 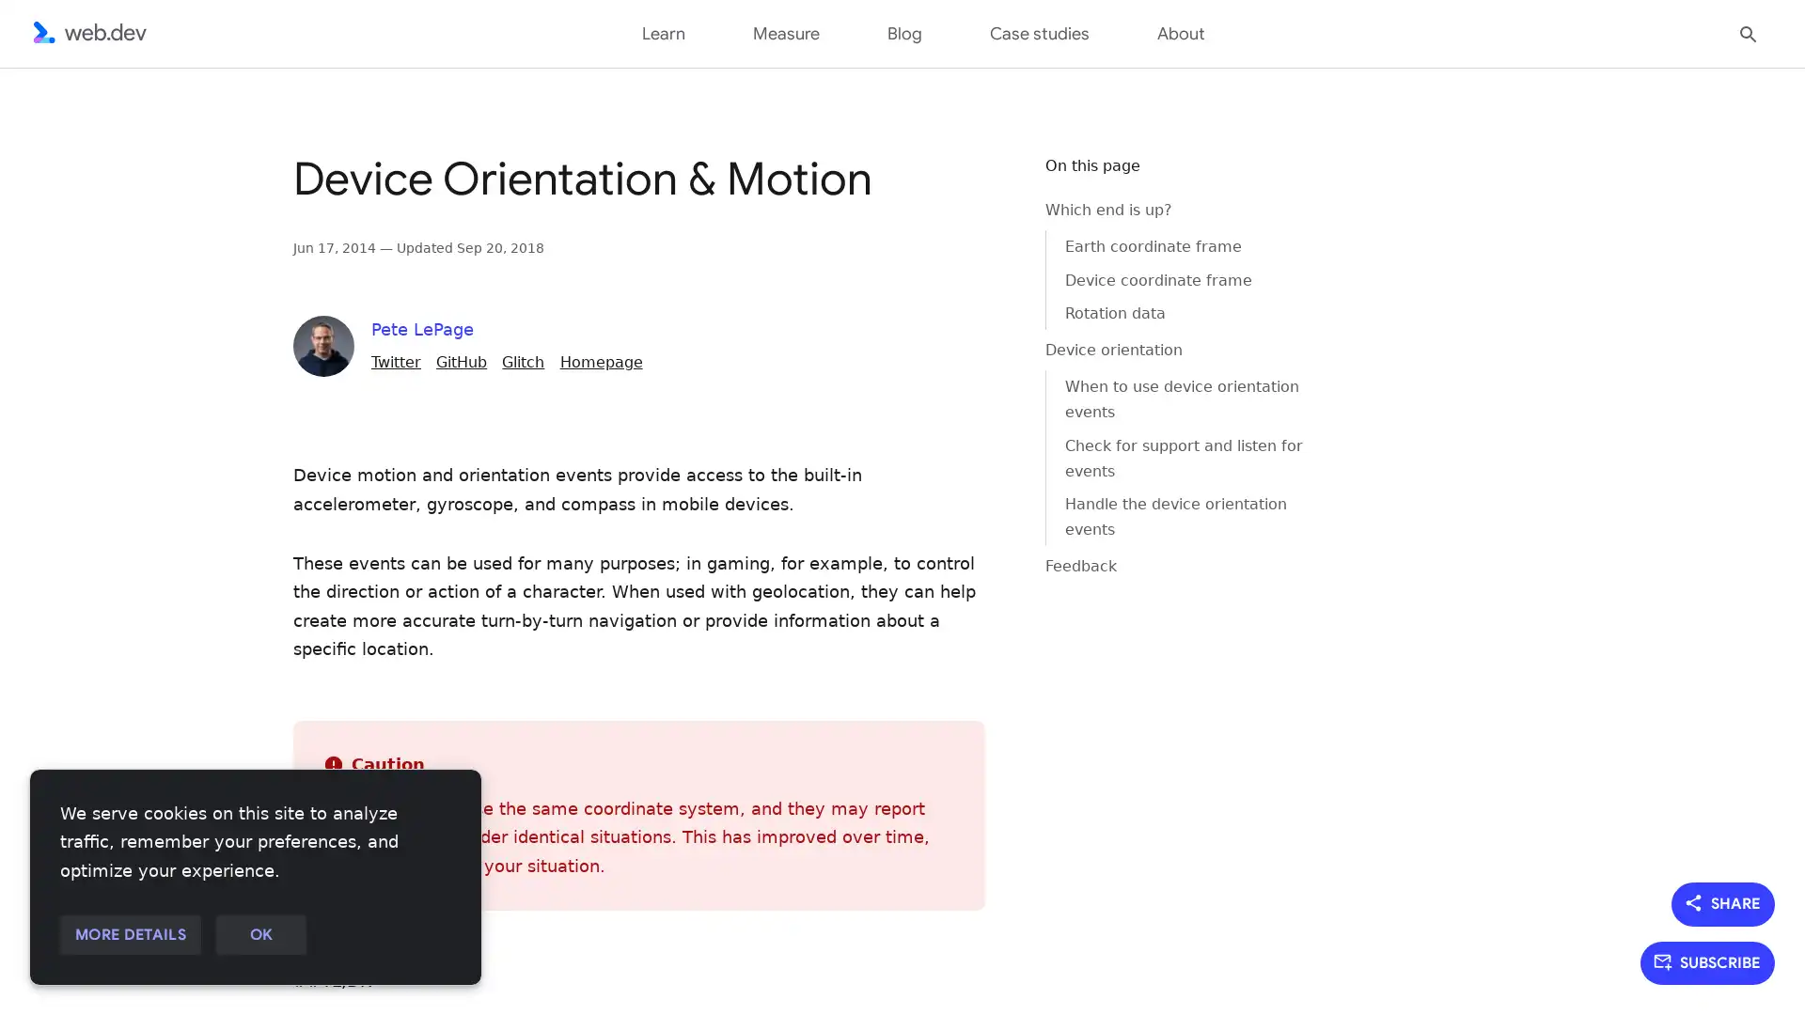 I want to click on OK, so click(x=259, y=935).